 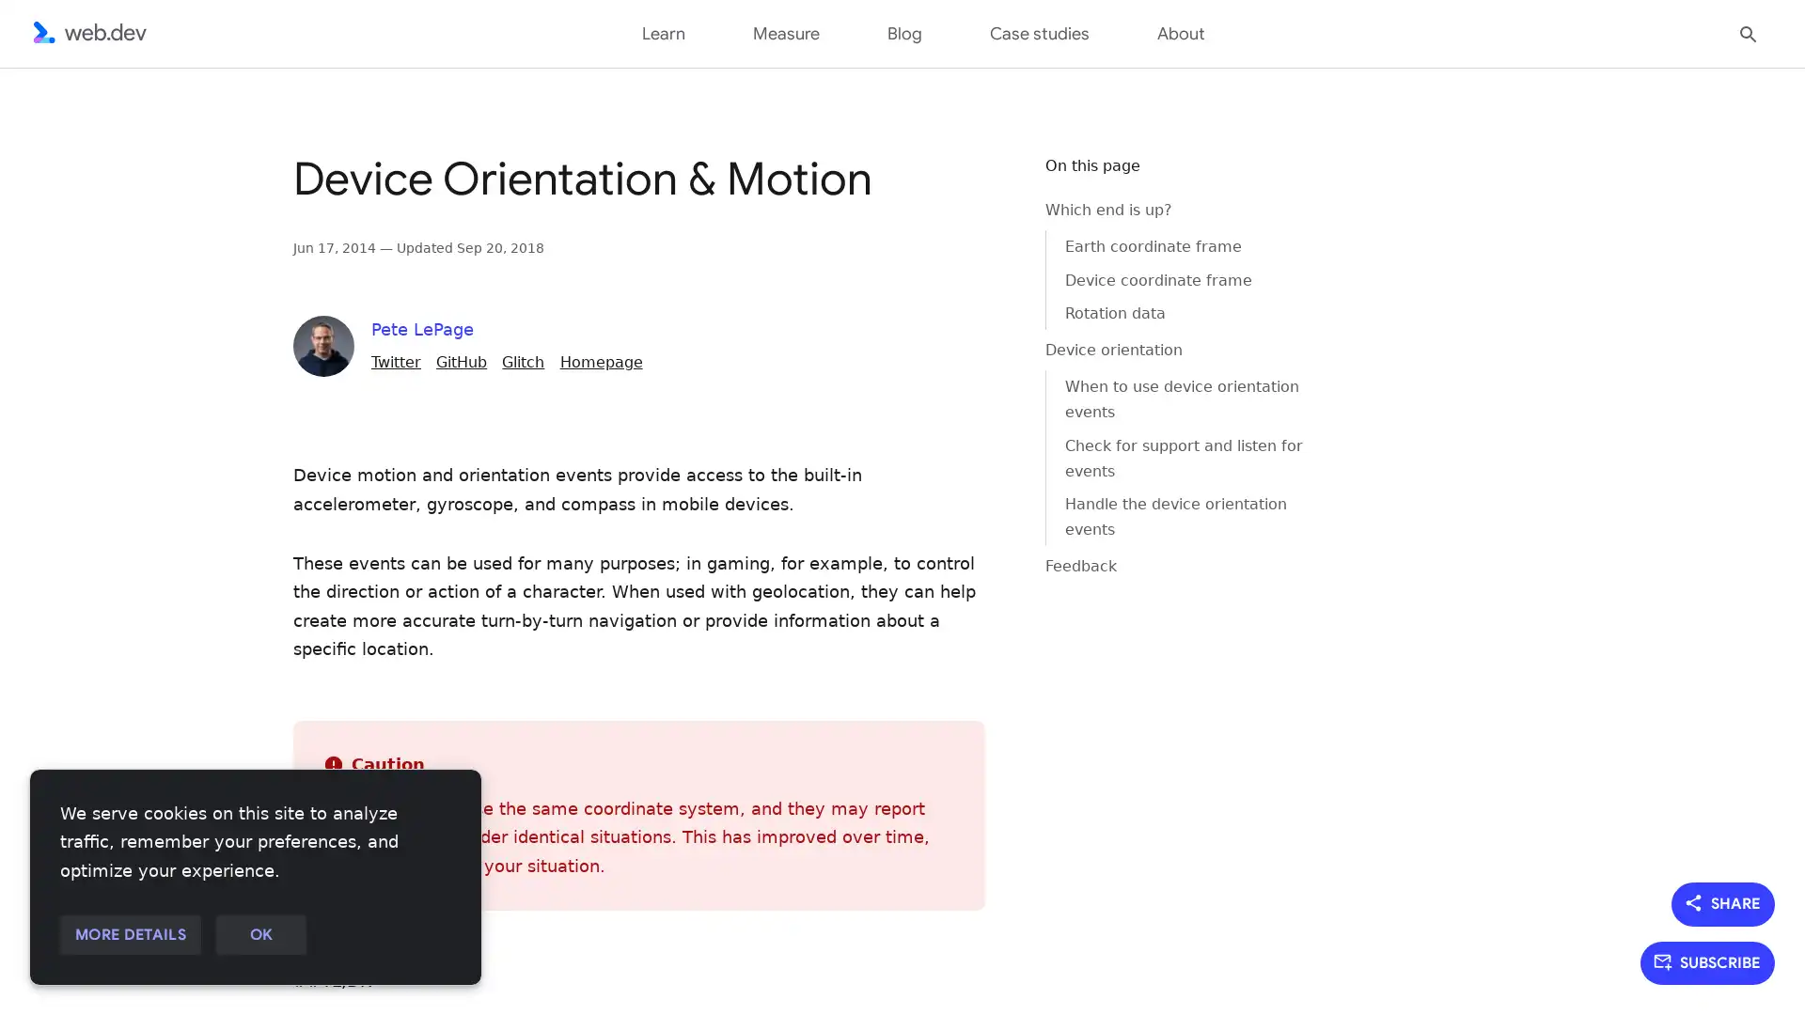 I want to click on OK, so click(x=259, y=935).